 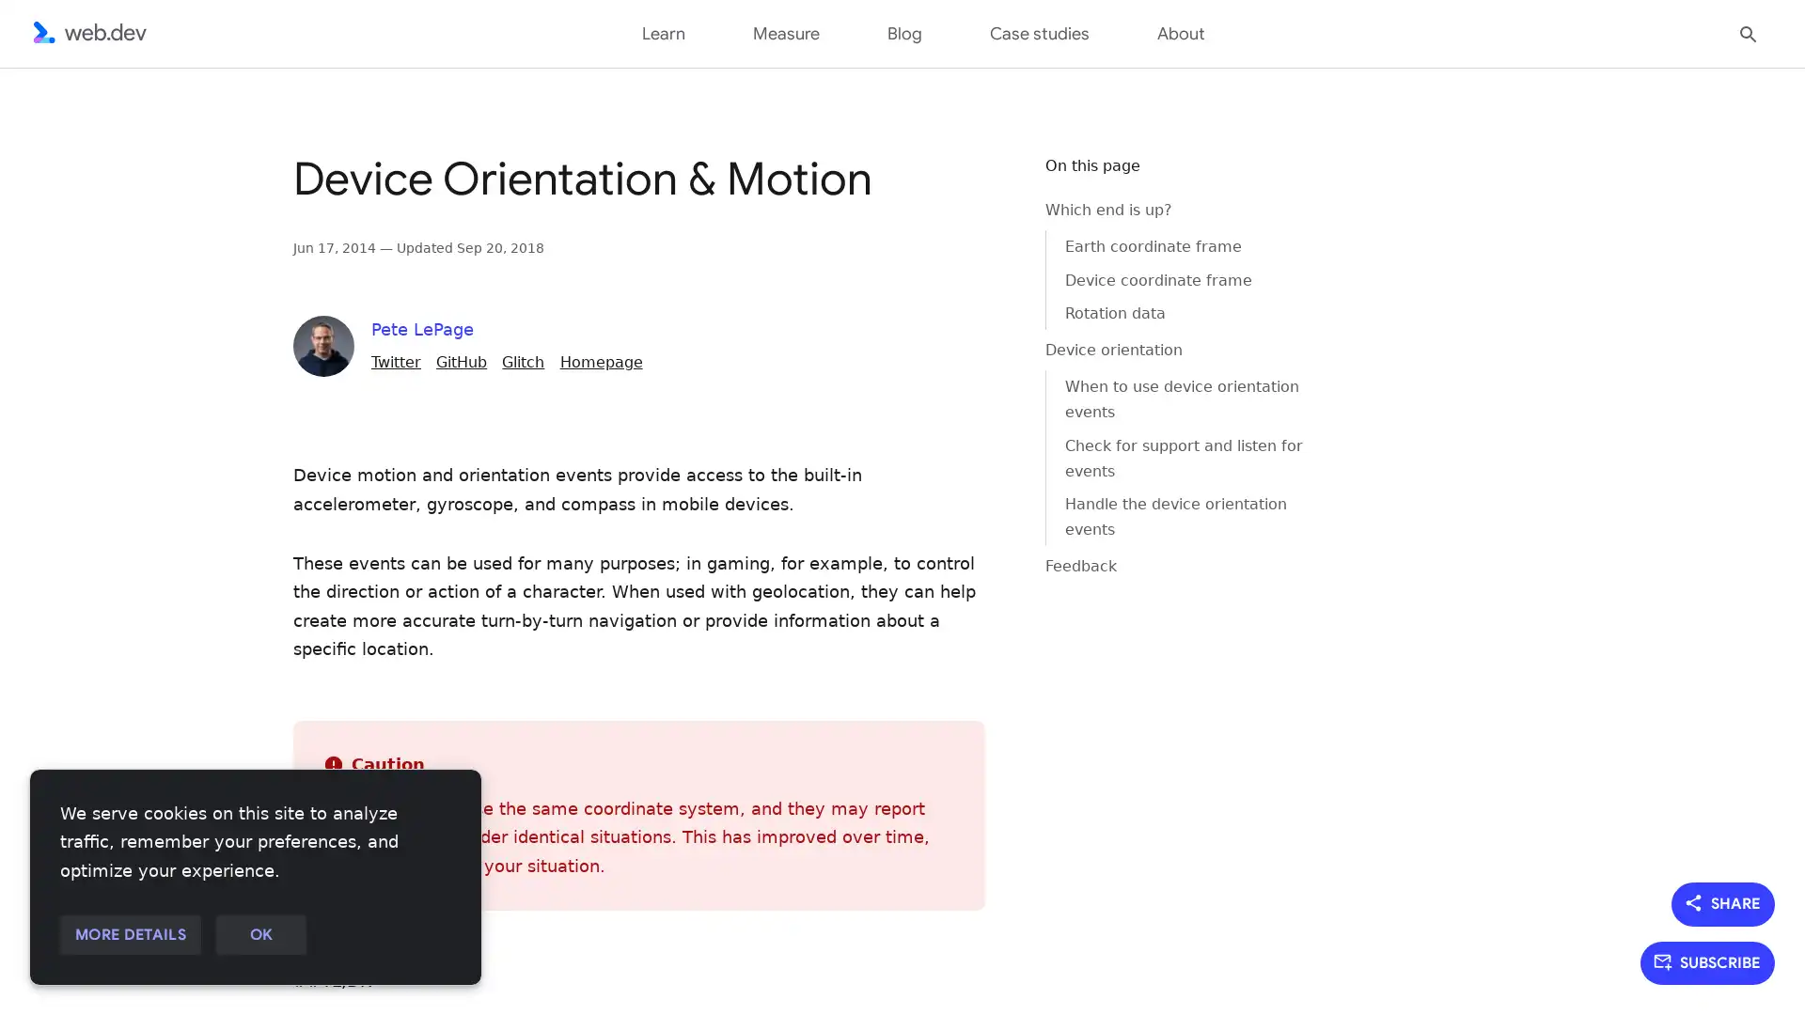 I want to click on OK, so click(x=259, y=935).